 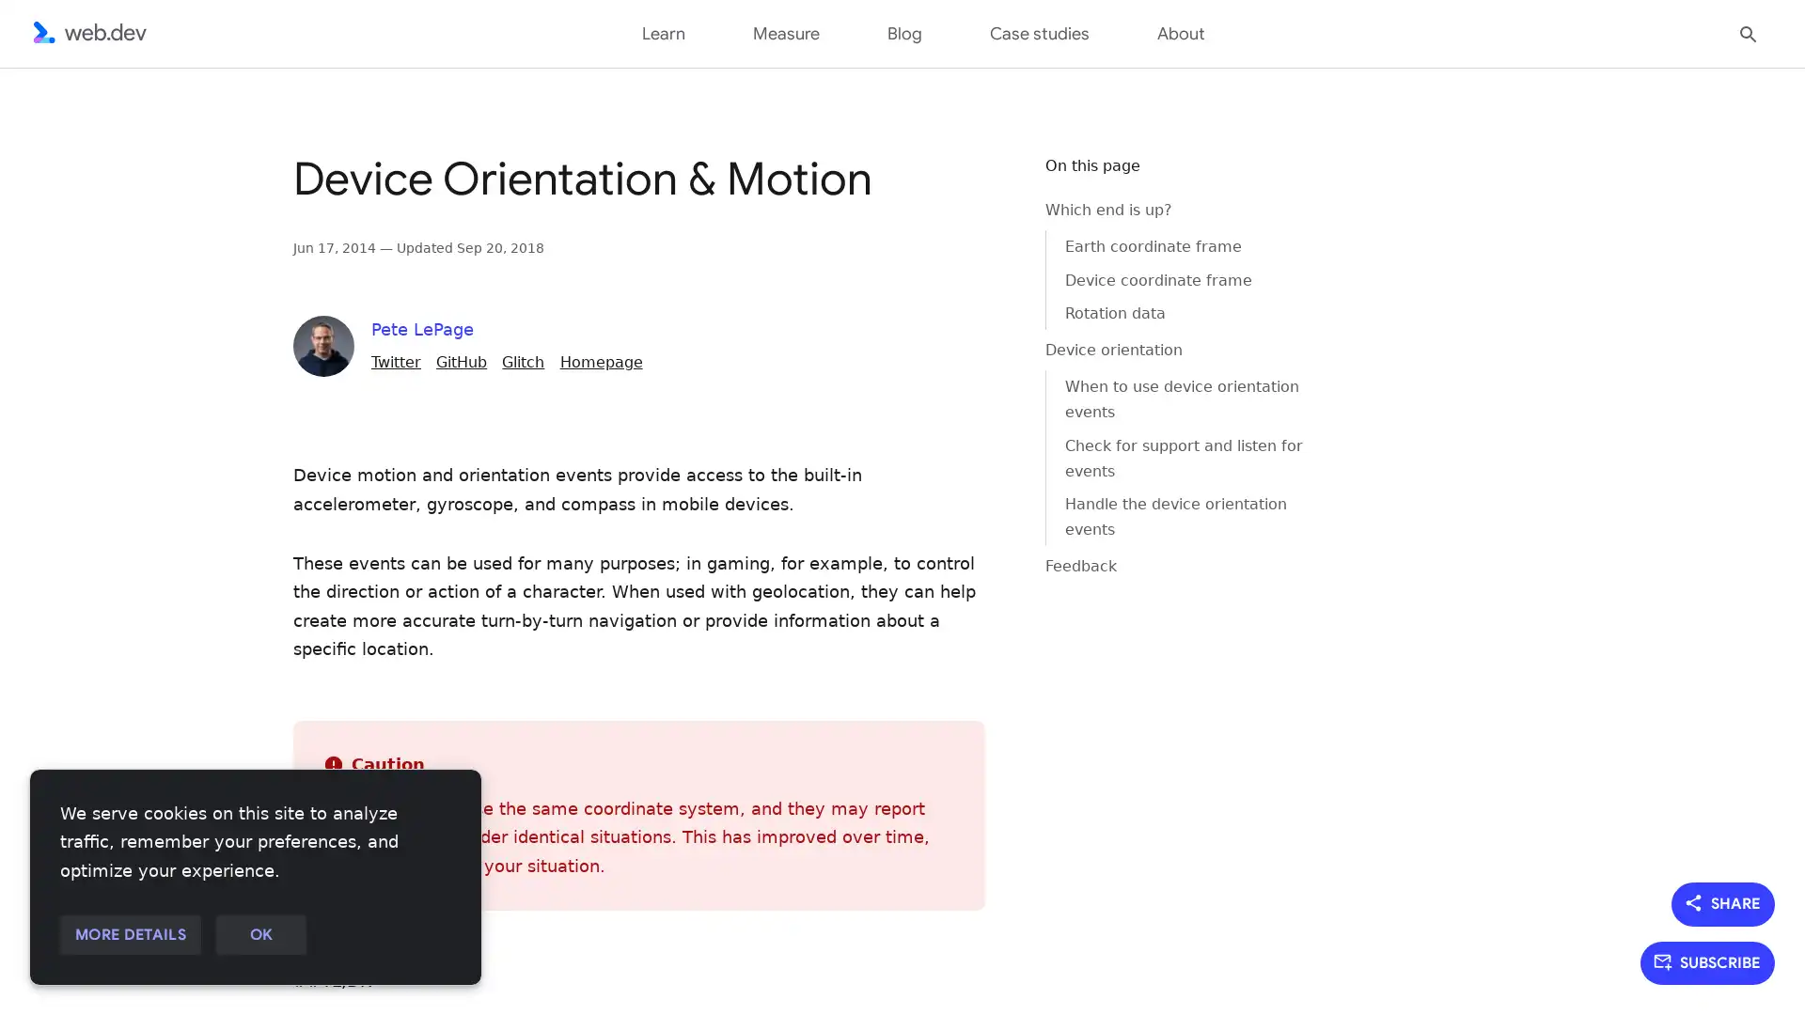 I want to click on OK, so click(x=259, y=935).